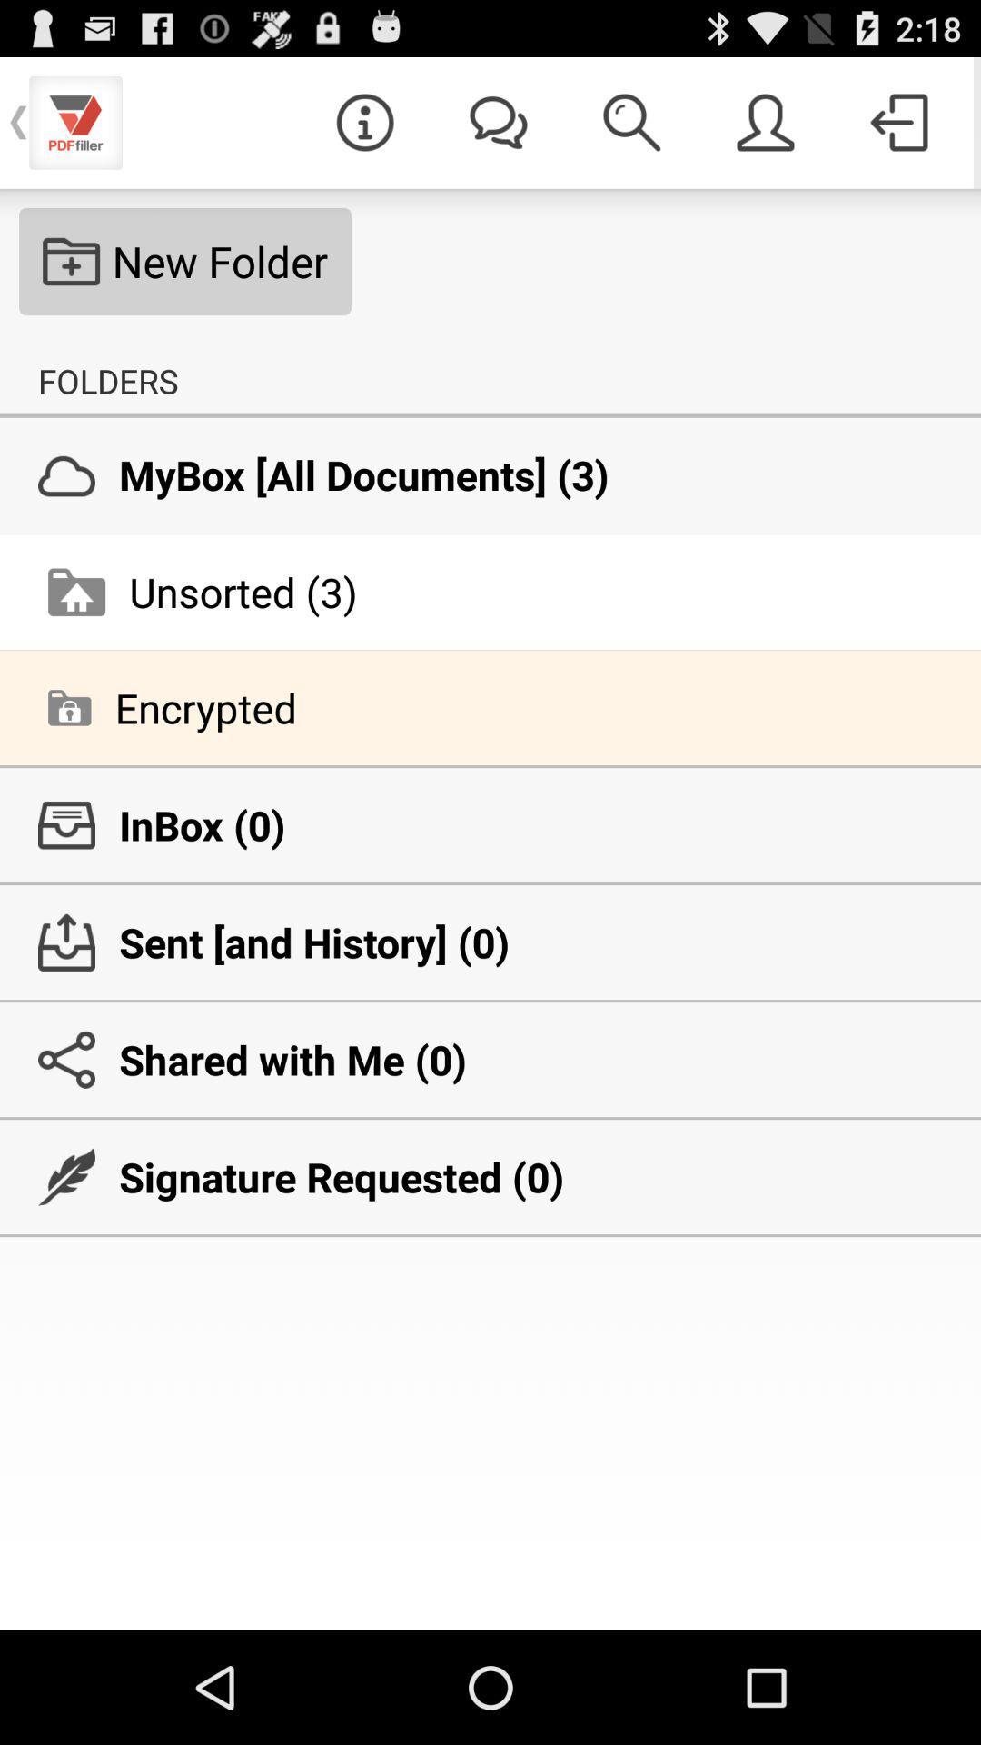  What do you see at coordinates (185, 261) in the screenshot?
I see `icon above folders icon` at bounding box center [185, 261].